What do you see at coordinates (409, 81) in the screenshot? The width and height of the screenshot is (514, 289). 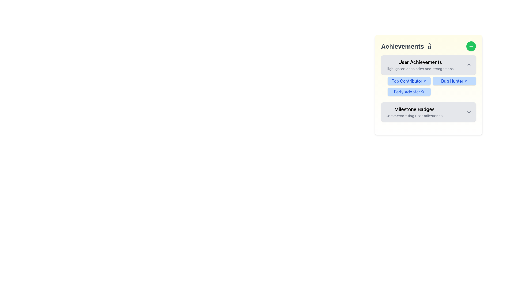 I see `the Decorative Badge that indicates the user's achievement as 'Top Contributor' located in the top-left quadrant of the 'User Achievements' section in the 'Achievements' panel` at bounding box center [409, 81].